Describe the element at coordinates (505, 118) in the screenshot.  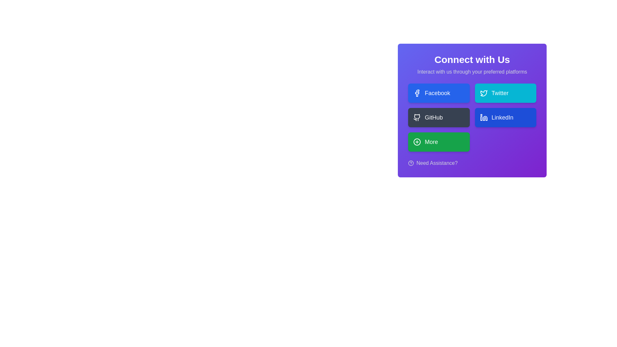
I see `the blue 'LinkedIn' button with rounded corners located in the lower-right quadrant of the interface, below the 'Twitter' button and to the right of the 'GitHub' button` at that location.